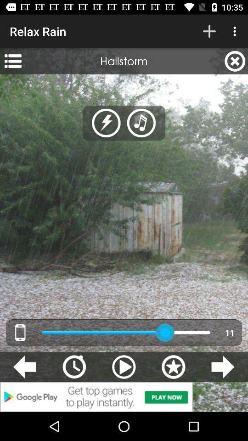 This screenshot has width=248, height=441. Describe the element at coordinates (209, 31) in the screenshot. I see `the icon next to relax rain icon` at that location.